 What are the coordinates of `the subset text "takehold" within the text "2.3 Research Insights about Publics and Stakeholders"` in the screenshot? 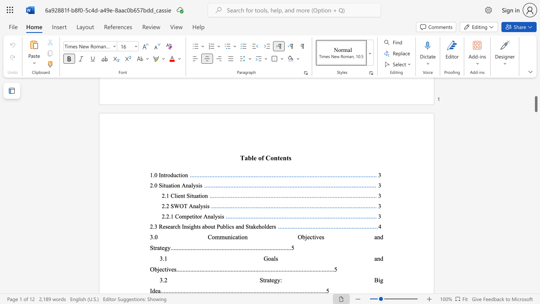 It's located at (248, 226).